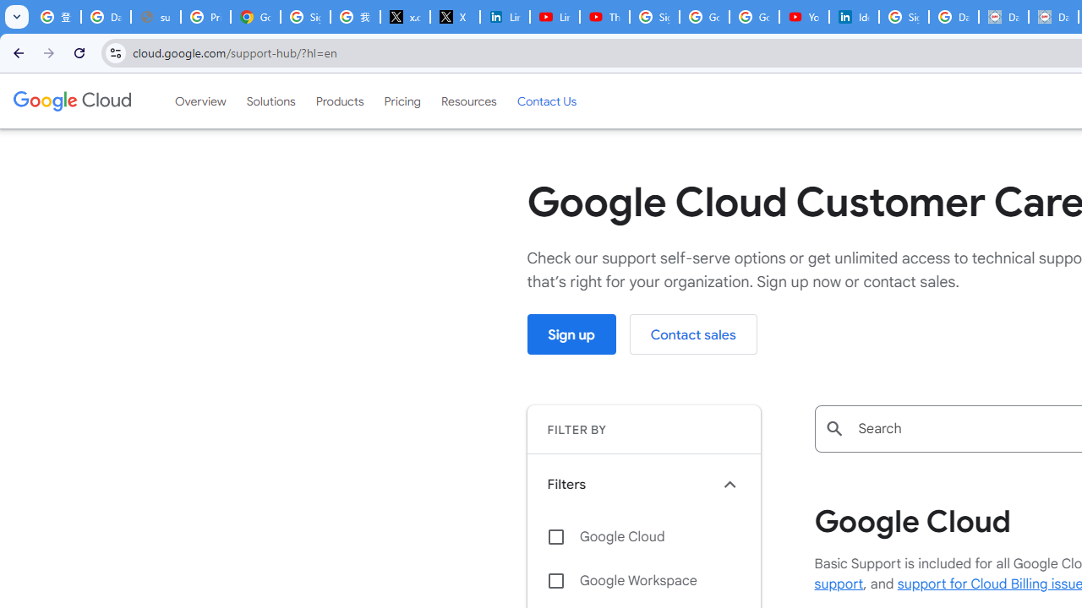 The image size is (1082, 608). I want to click on 'LinkedIn Privacy Policy', so click(504, 17).